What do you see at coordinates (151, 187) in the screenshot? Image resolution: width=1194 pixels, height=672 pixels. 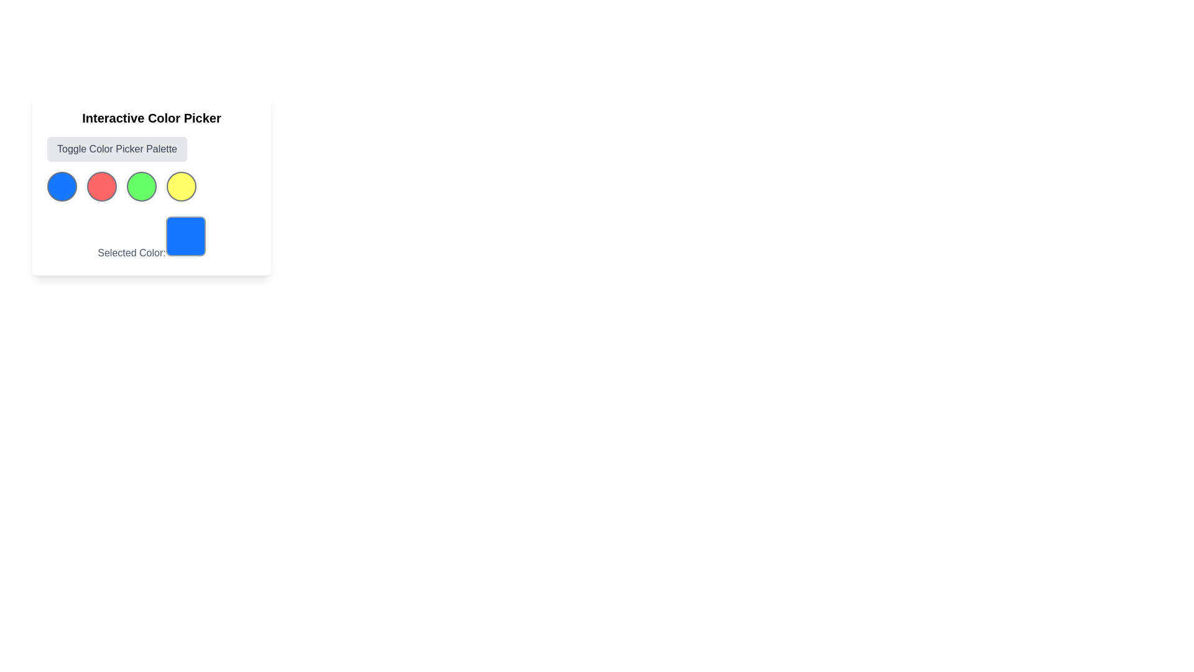 I see `the third circular color selection button in the 'Interactive Color Picker' group` at bounding box center [151, 187].